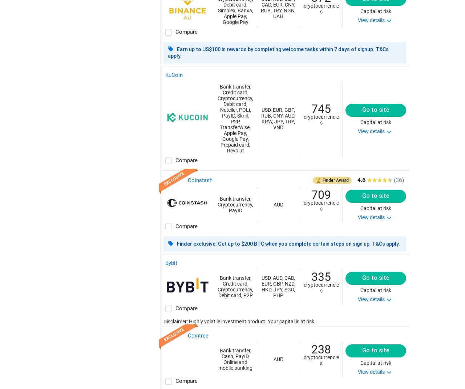 The width and height of the screenshot is (465, 389). Describe the element at coordinates (163, 321) in the screenshot. I see `'Disclaimer: Highly volatile investment product. Your capital is at risk.'` at that location.